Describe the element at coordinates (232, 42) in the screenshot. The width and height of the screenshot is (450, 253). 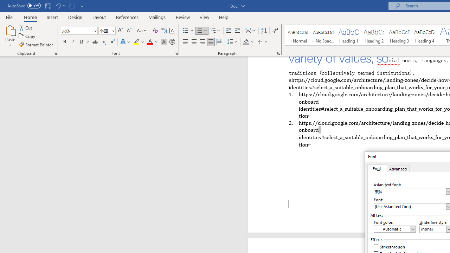
I see `'Line and Paragraph Spacing'` at that location.